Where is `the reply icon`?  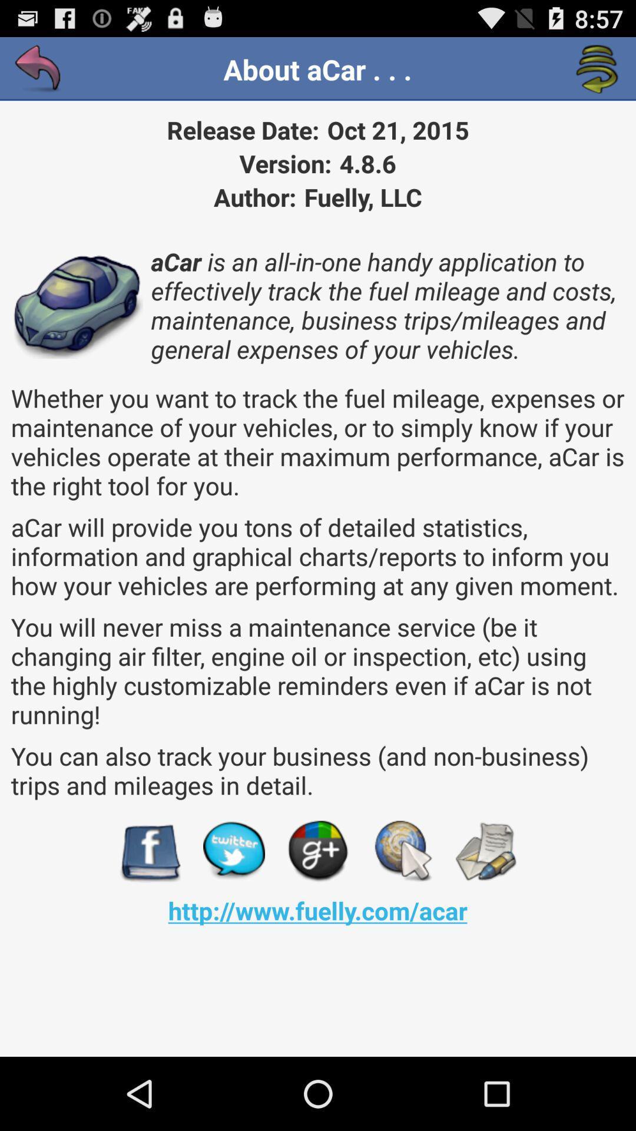 the reply icon is located at coordinates (38, 74).